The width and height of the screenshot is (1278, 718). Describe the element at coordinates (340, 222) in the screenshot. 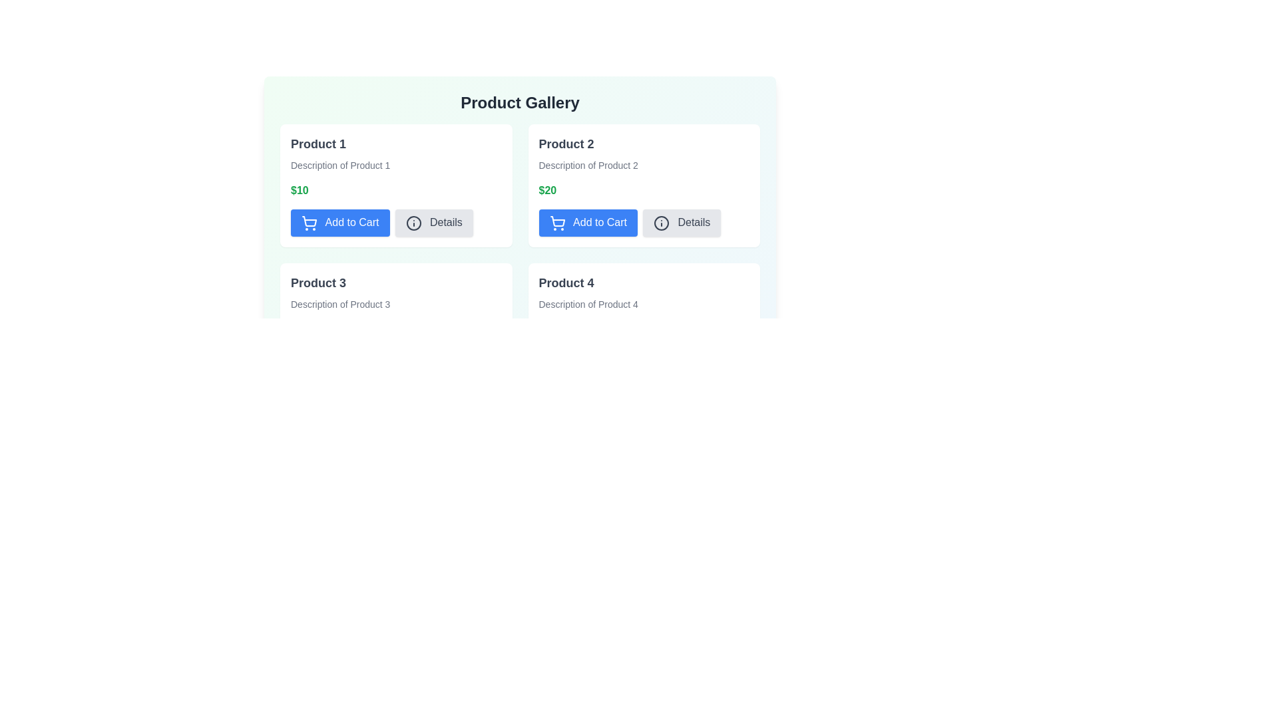

I see `the 'Add to Cart' button, which is the leftmost button in the product card's bottom section` at that location.